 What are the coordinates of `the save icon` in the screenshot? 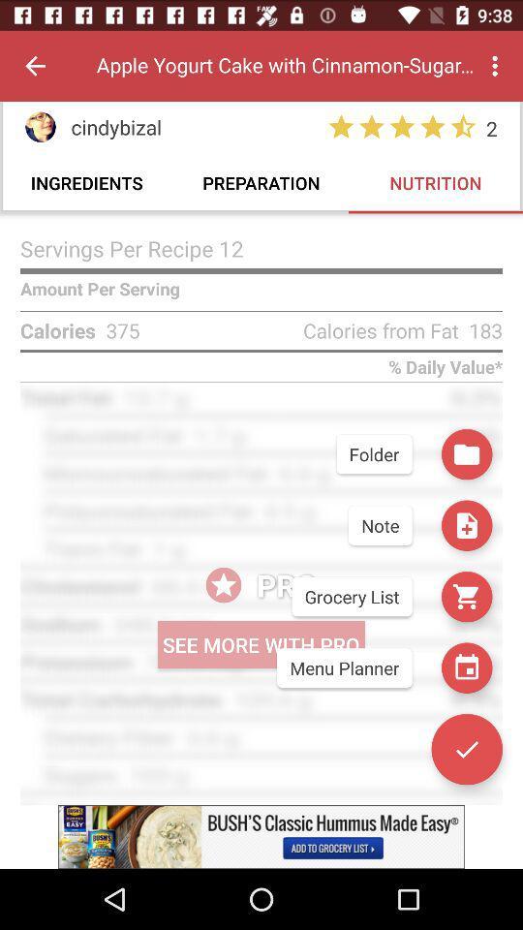 It's located at (466, 525).